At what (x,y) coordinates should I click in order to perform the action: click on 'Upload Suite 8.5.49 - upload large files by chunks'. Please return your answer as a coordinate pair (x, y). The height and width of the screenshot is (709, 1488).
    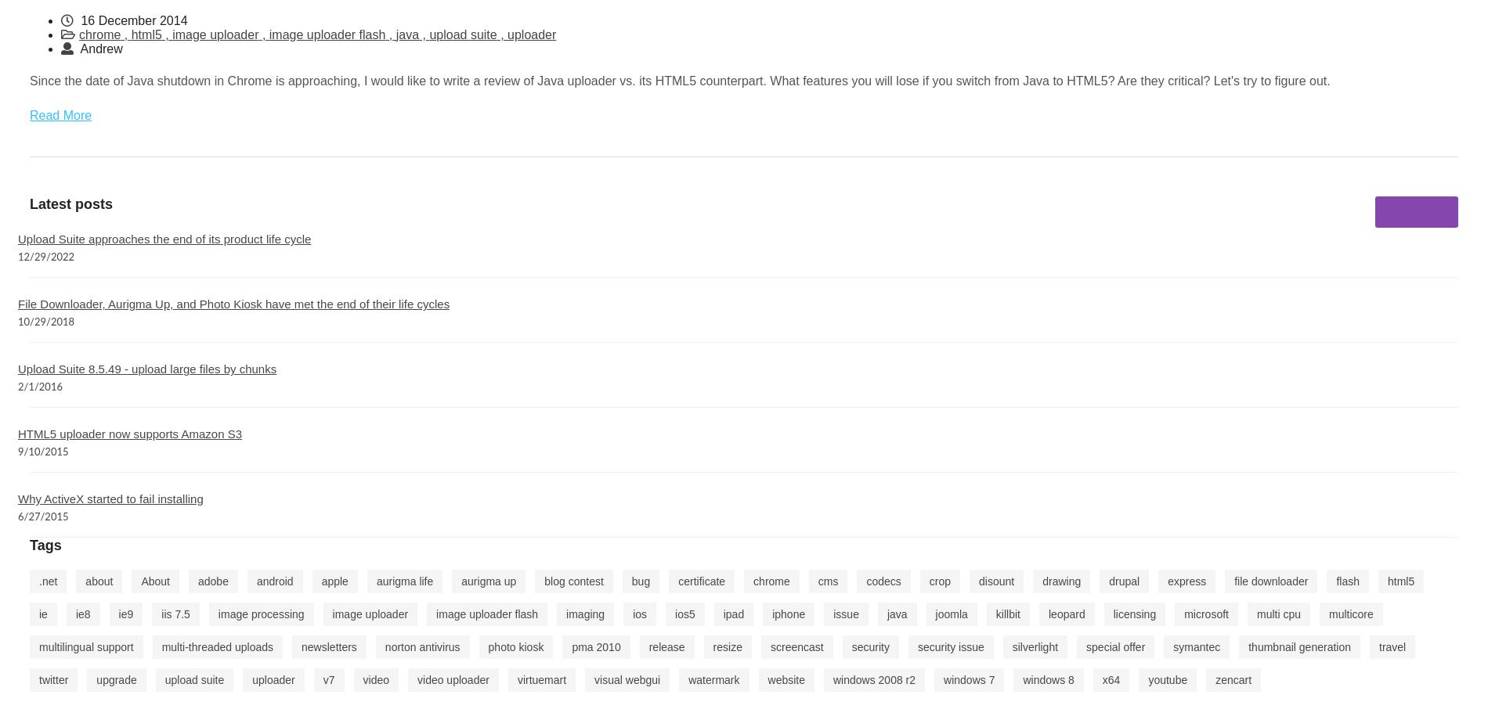
    Looking at the image, I should click on (146, 368).